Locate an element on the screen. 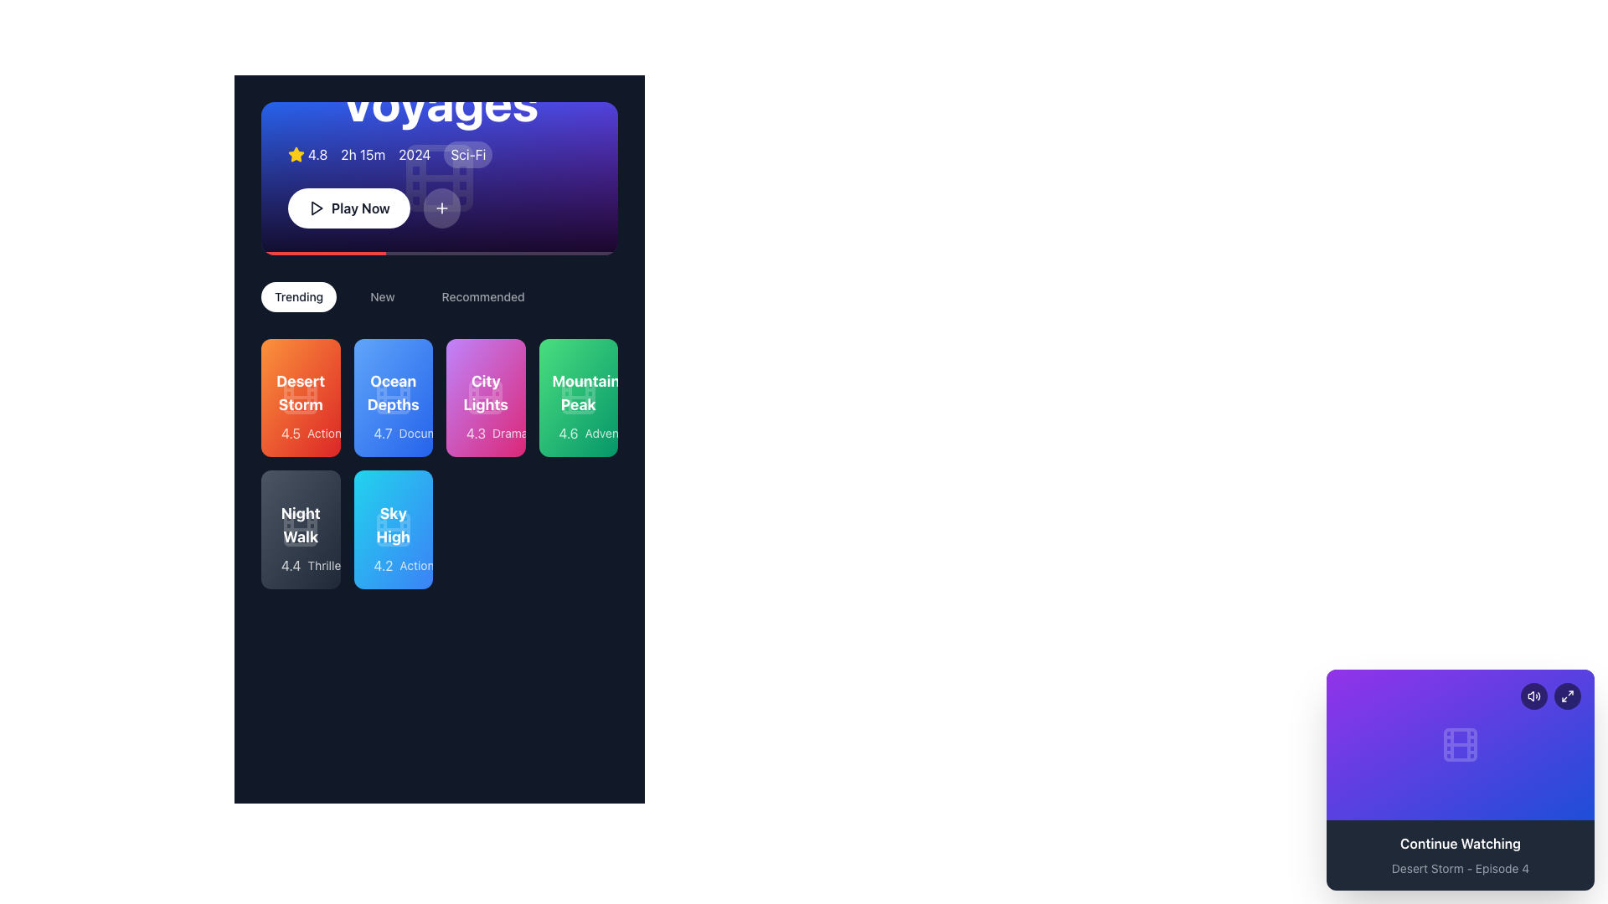 The width and height of the screenshot is (1608, 904). the Informative card displaying 'City Lights' with a rating of 4.3 and the genre 'Drama', which is the third card in the 'Trending' row is located at coordinates (485, 407).